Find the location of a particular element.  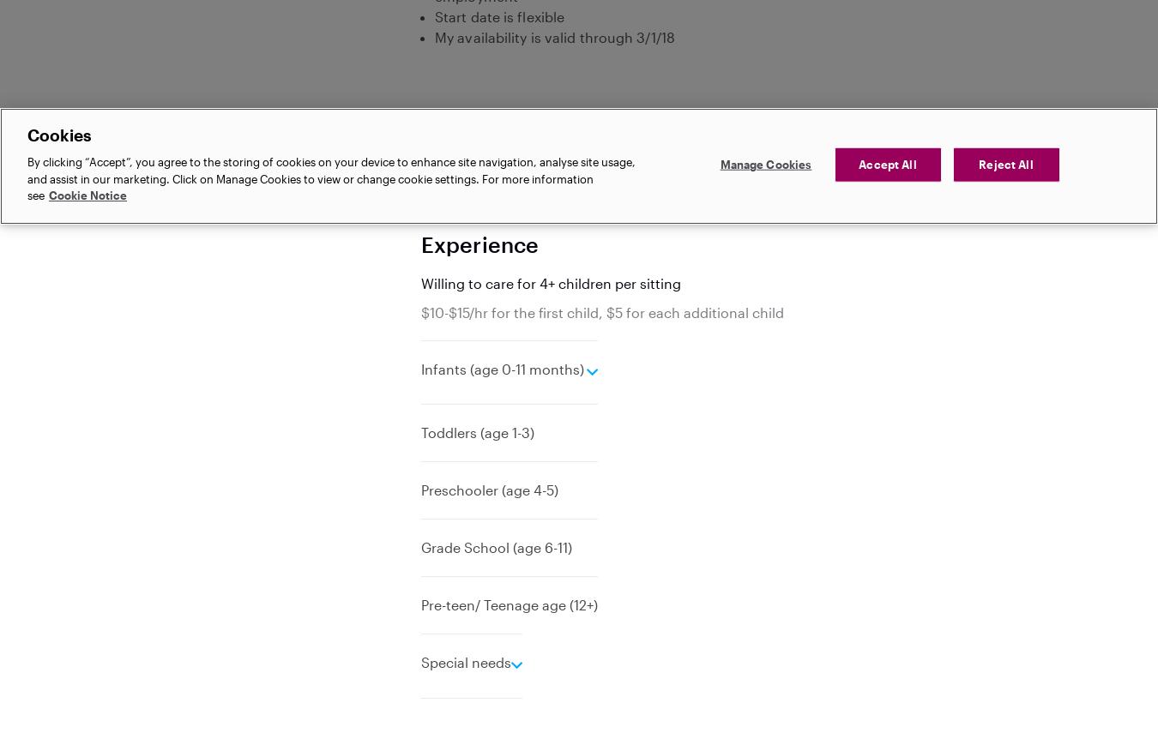

'My availability is valid through 3/1/18' is located at coordinates (554, 36).